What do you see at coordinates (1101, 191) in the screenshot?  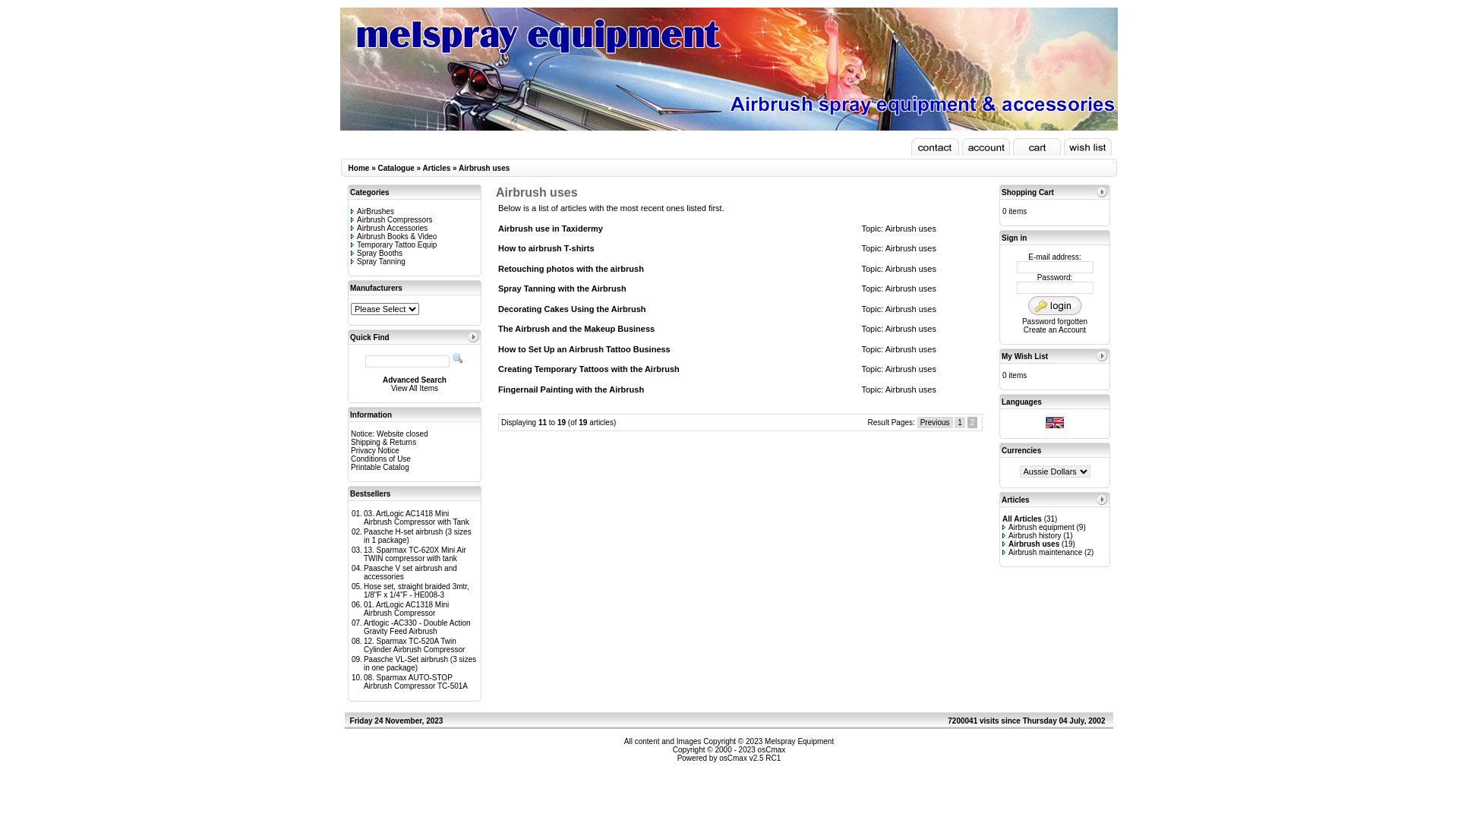 I see `'more'` at bounding box center [1101, 191].